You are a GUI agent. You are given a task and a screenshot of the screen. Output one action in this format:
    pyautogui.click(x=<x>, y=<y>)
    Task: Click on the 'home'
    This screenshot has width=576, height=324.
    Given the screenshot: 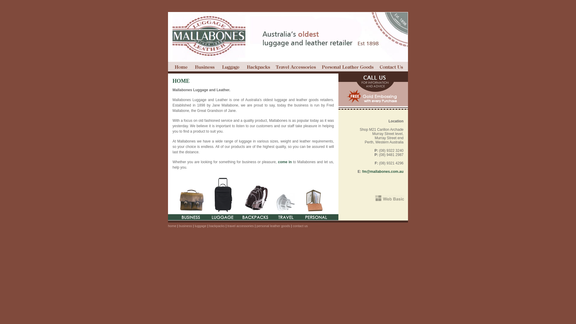 What is the action you would take?
    pyautogui.click(x=172, y=226)
    